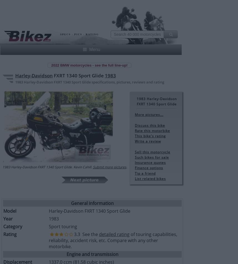  I want to click on 'Insurance quotes', so click(150, 163).